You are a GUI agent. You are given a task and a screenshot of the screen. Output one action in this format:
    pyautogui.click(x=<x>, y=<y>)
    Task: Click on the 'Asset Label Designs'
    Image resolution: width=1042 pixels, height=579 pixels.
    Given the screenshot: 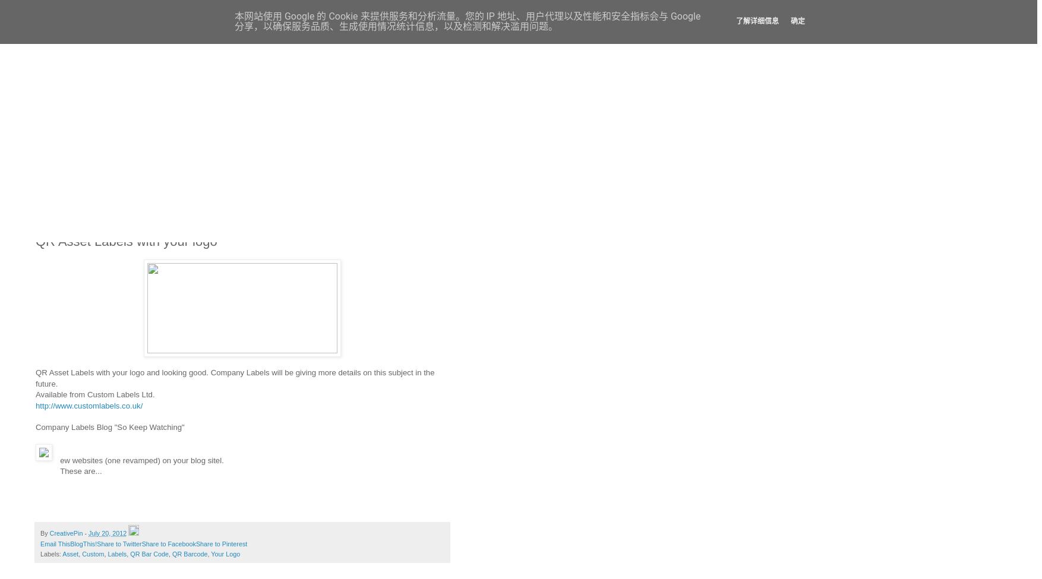 What is the action you would take?
    pyautogui.click(x=74, y=145)
    